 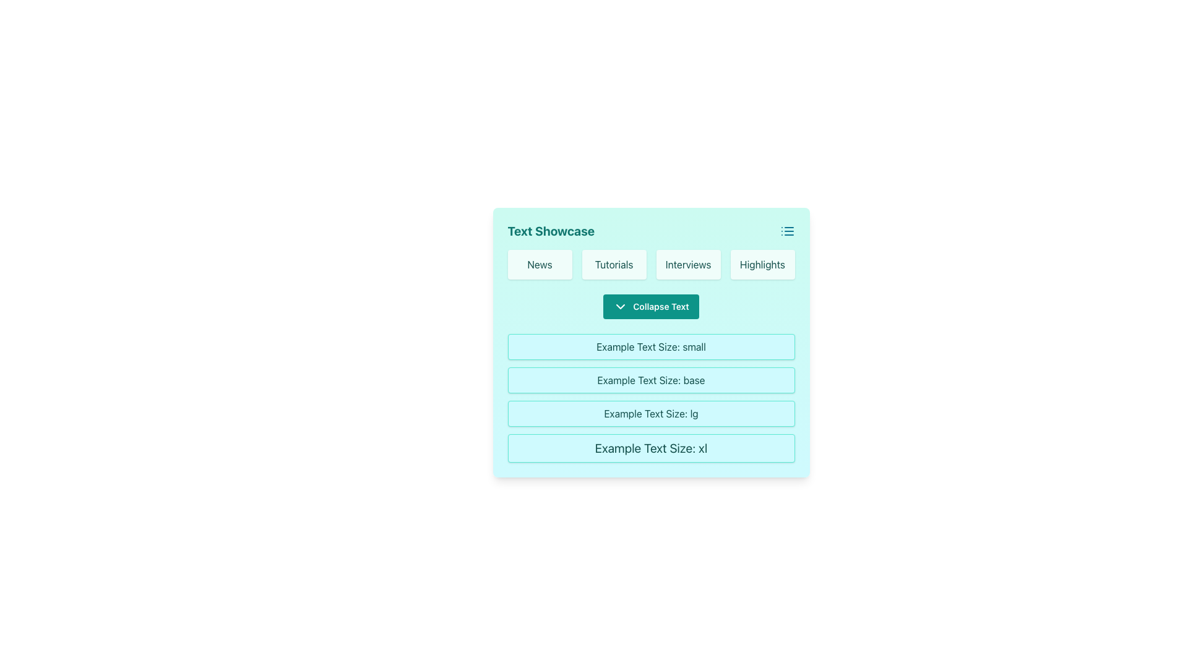 What do you see at coordinates (687, 264) in the screenshot?
I see `the 'Interviews' button, which is the third button in a horizontal row of four buttons located beneath the 'Text Showcase' heading` at bounding box center [687, 264].